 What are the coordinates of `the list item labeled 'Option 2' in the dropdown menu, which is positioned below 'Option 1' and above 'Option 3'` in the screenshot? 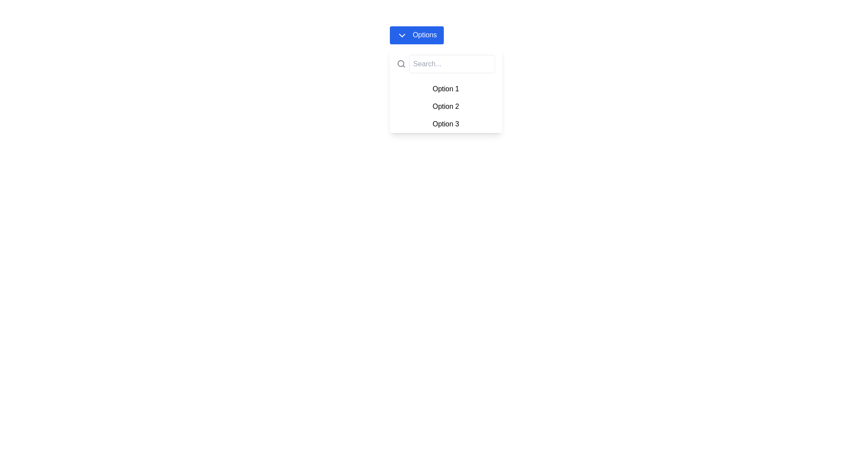 It's located at (446, 106).